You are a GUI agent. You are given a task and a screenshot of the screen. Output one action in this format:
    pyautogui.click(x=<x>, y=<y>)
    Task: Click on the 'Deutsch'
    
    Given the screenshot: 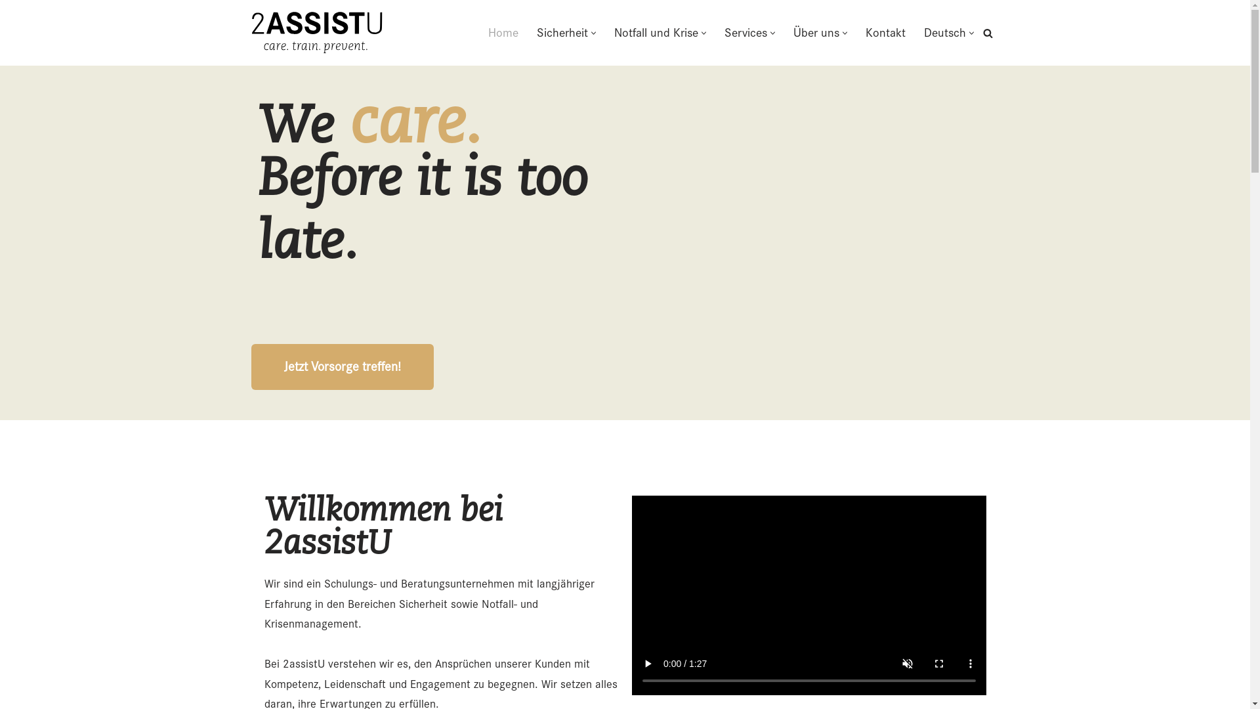 What is the action you would take?
    pyautogui.click(x=945, y=32)
    